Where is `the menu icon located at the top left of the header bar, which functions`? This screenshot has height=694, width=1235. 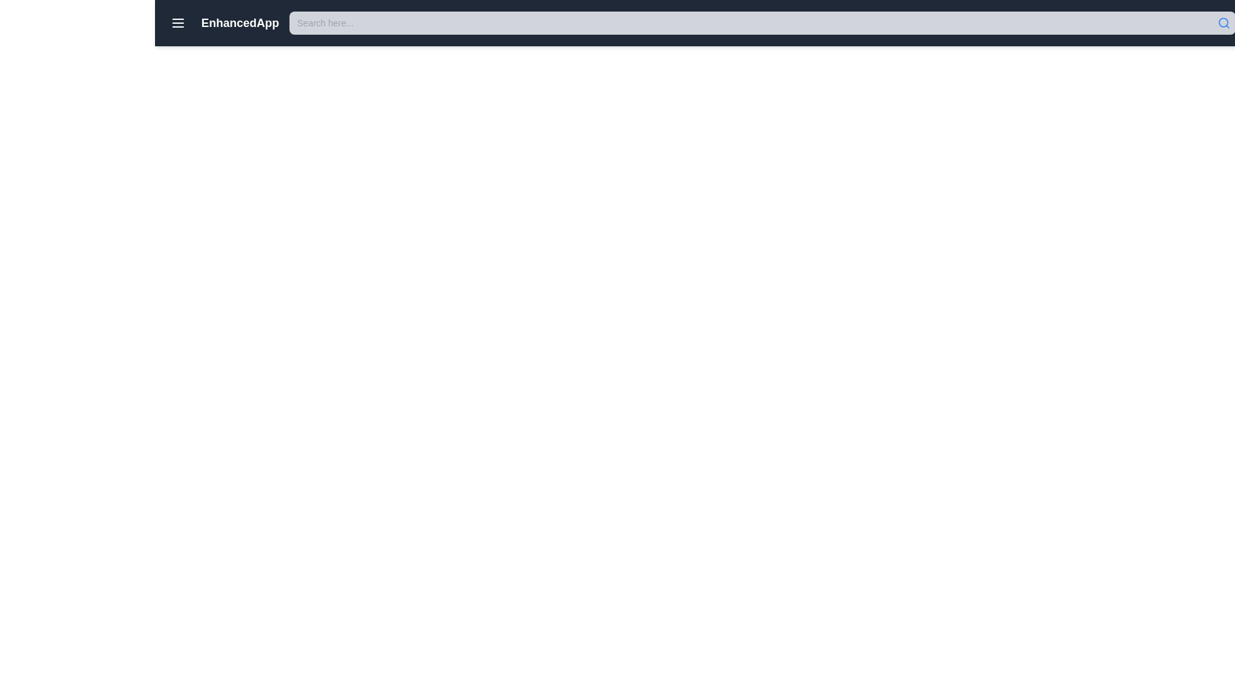
the menu icon located at the top left of the header bar, which functions is located at coordinates (222, 22).